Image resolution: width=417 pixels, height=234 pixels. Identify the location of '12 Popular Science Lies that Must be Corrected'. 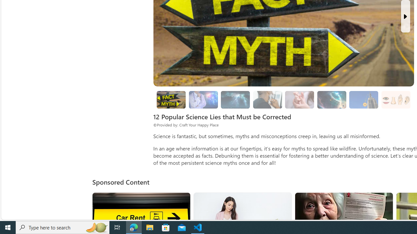
(171, 100).